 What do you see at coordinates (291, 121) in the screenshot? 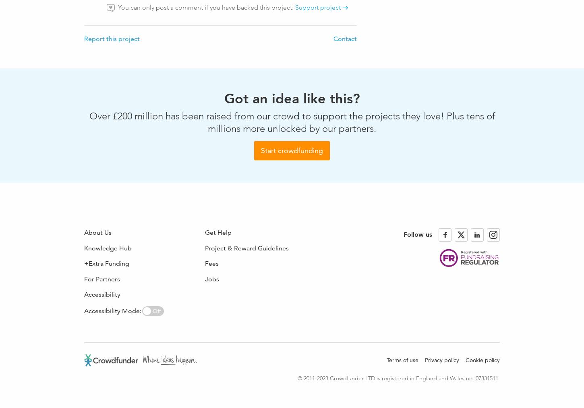
I see `'Over £200 million has been raised from our crowd to support the projects they love! Plus tens of millions more unlocked by our partners.'` at bounding box center [291, 121].